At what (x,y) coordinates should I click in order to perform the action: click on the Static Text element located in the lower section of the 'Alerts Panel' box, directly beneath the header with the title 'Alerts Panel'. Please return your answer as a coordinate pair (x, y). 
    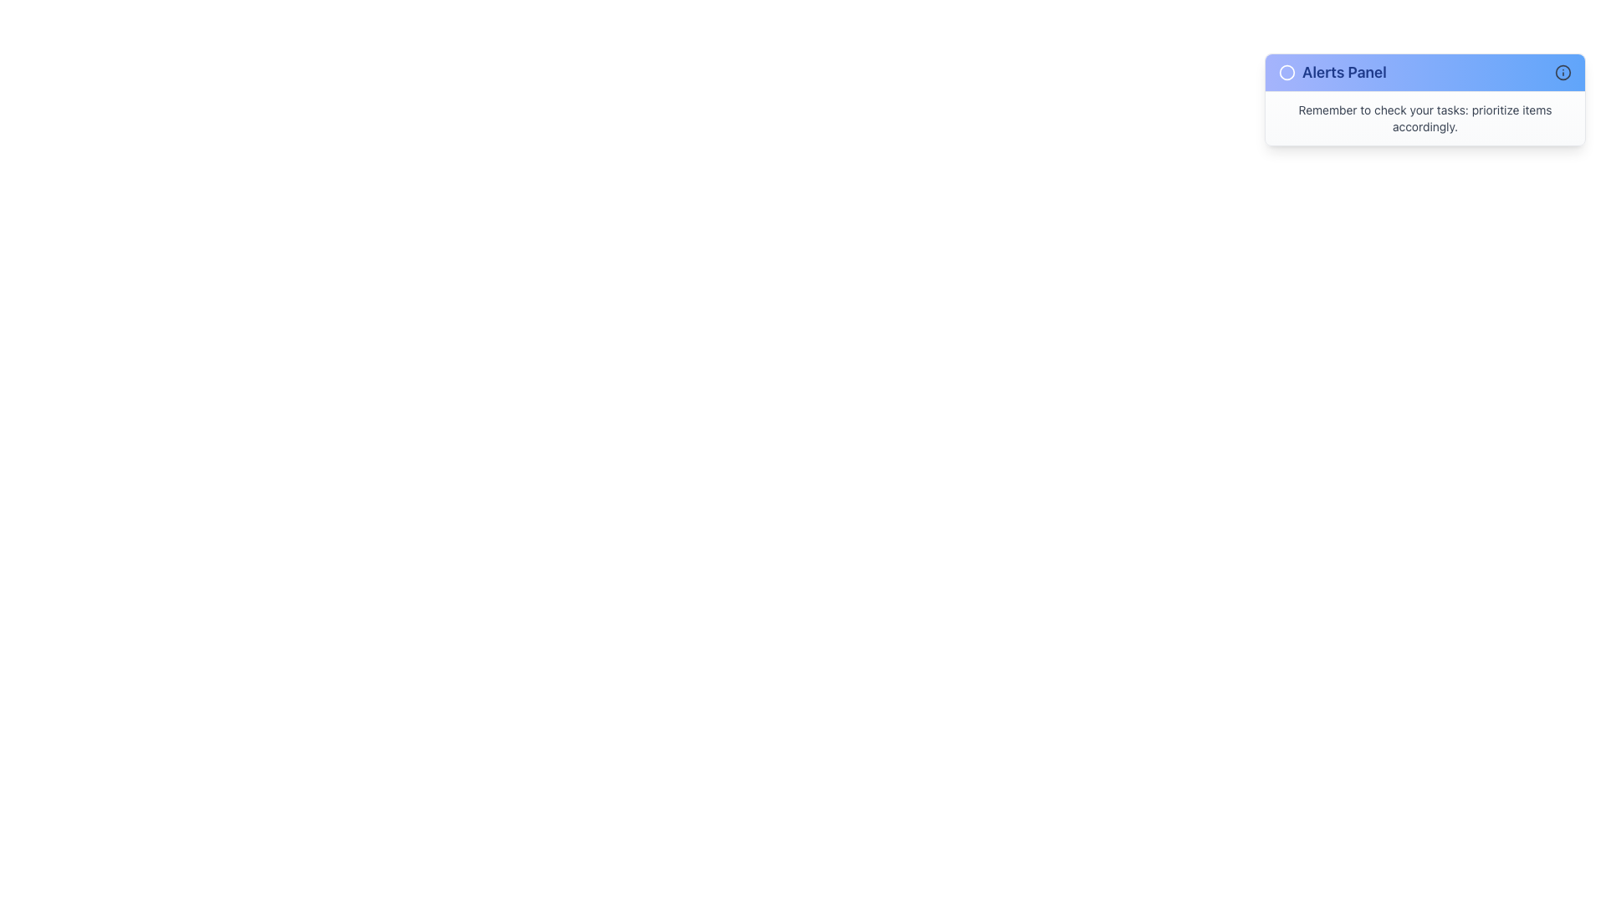
    Looking at the image, I should click on (1424, 118).